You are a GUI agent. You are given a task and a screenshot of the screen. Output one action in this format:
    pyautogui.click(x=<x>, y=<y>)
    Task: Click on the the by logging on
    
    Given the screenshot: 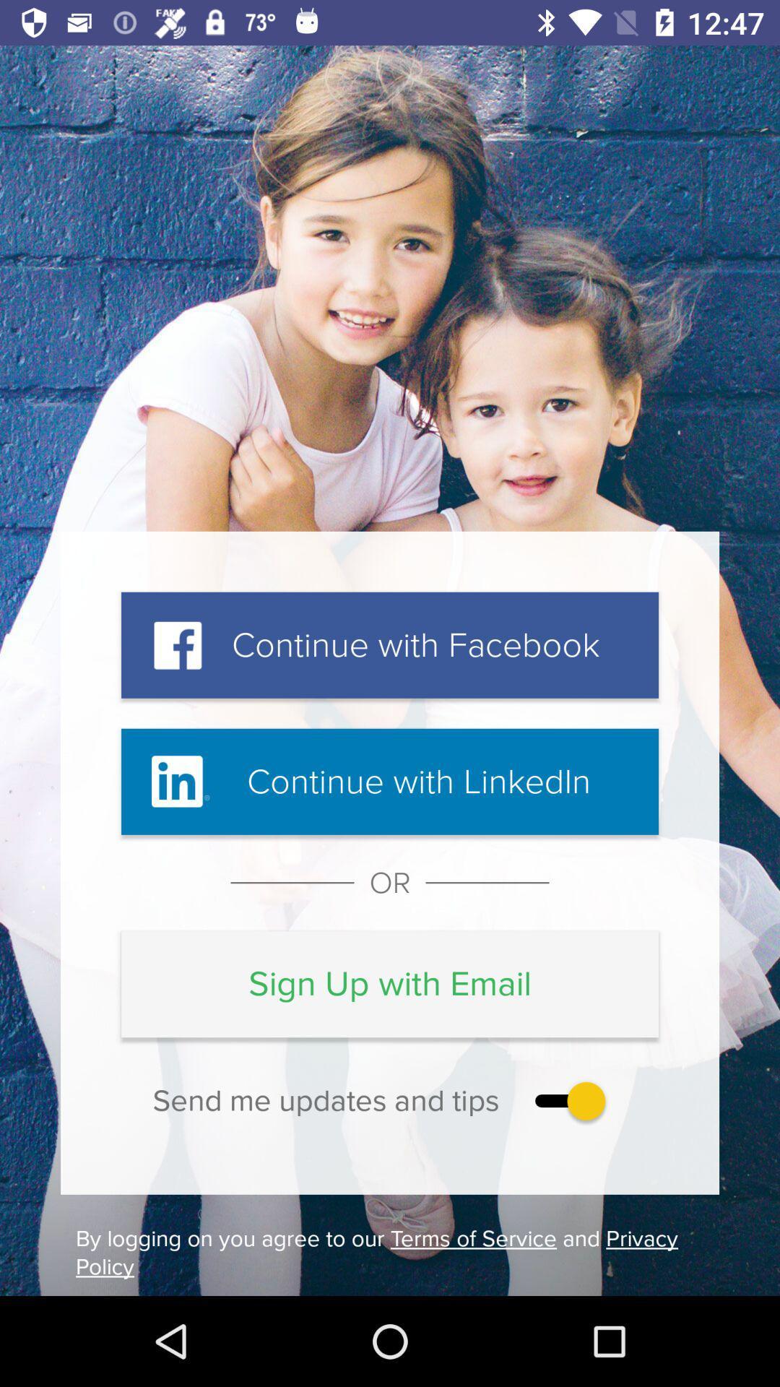 What is the action you would take?
    pyautogui.click(x=390, y=1252)
    